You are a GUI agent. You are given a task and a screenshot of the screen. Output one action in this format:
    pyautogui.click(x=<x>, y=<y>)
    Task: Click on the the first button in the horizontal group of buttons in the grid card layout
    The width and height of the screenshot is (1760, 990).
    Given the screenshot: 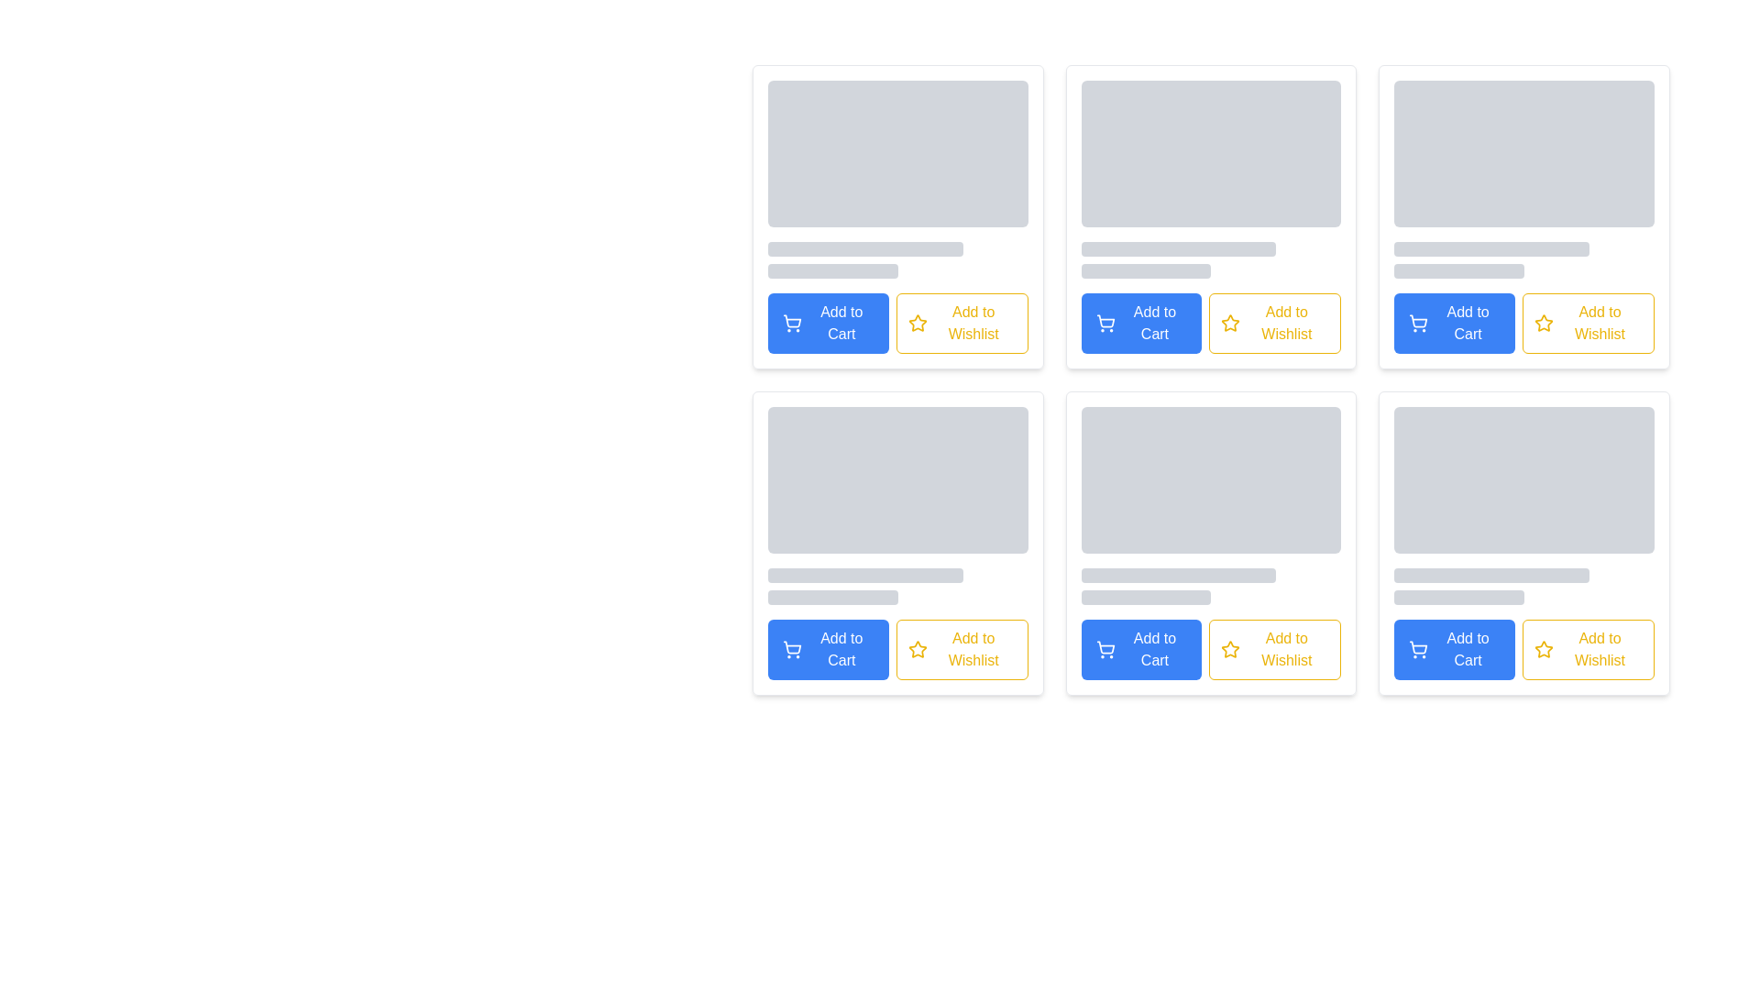 What is the action you would take?
    pyautogui.click(x=1454, y=323)
    